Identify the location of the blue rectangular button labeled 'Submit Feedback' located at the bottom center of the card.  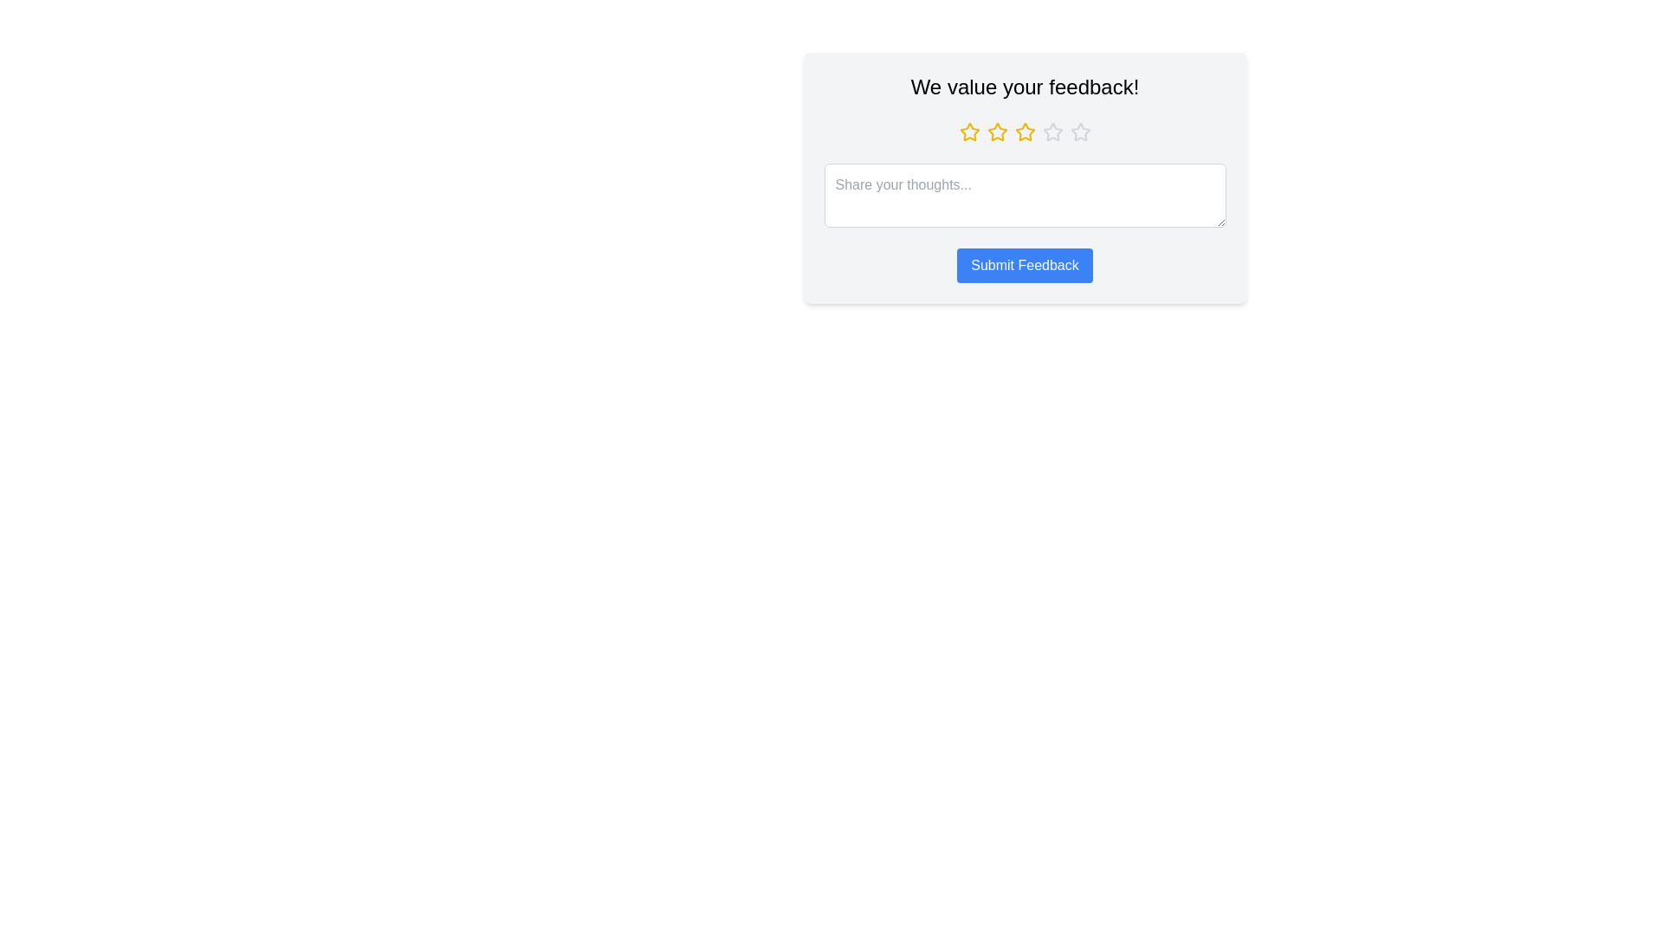
(1025, 266).